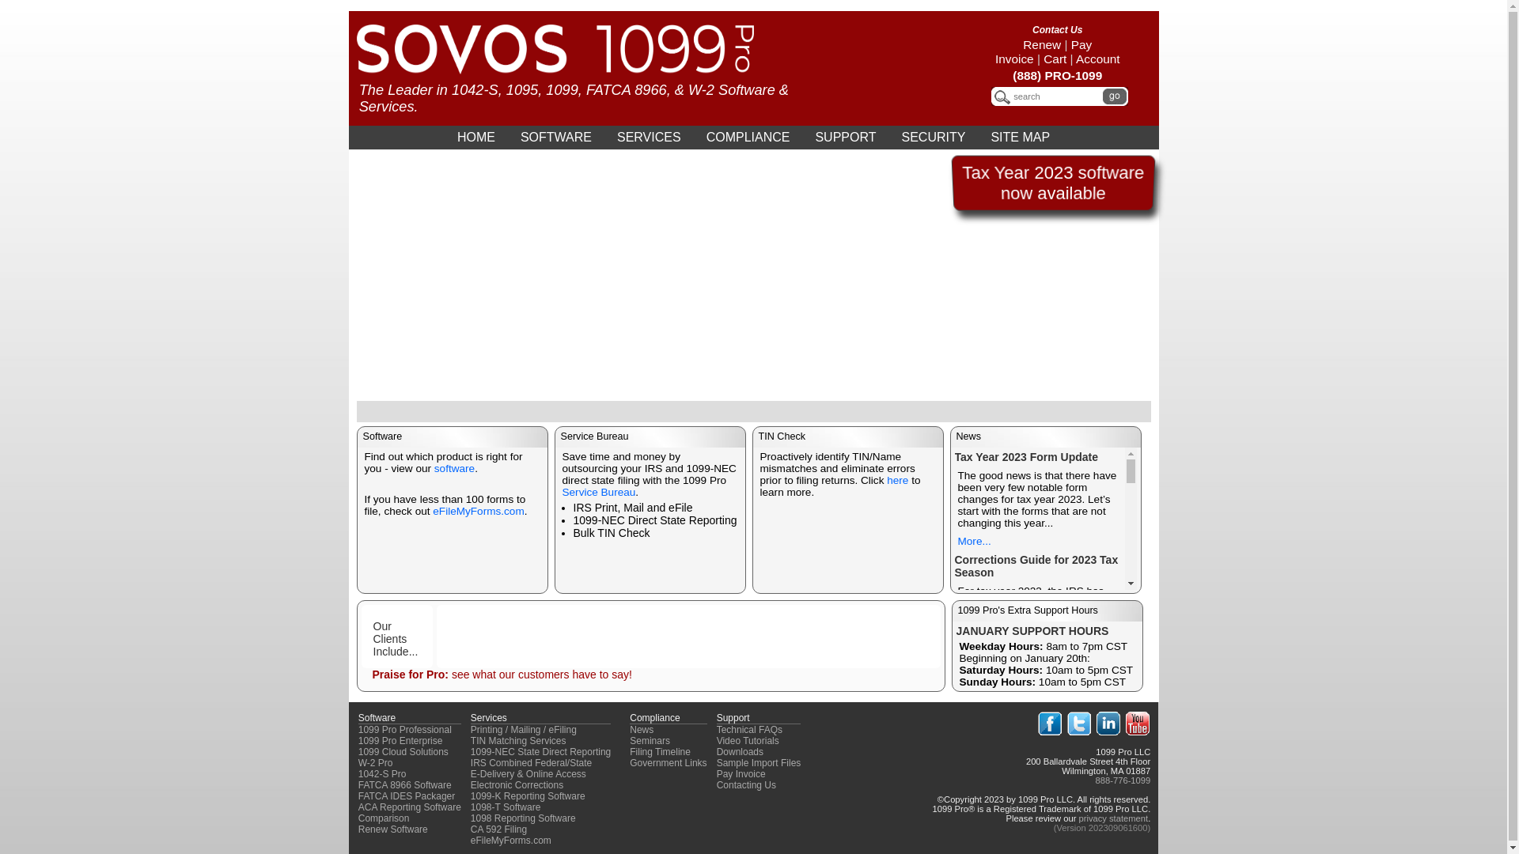 The image size is (1519, 854). Describe the element at coordinates (972, 632) in the screenshot. I see `'More...'` at that location.